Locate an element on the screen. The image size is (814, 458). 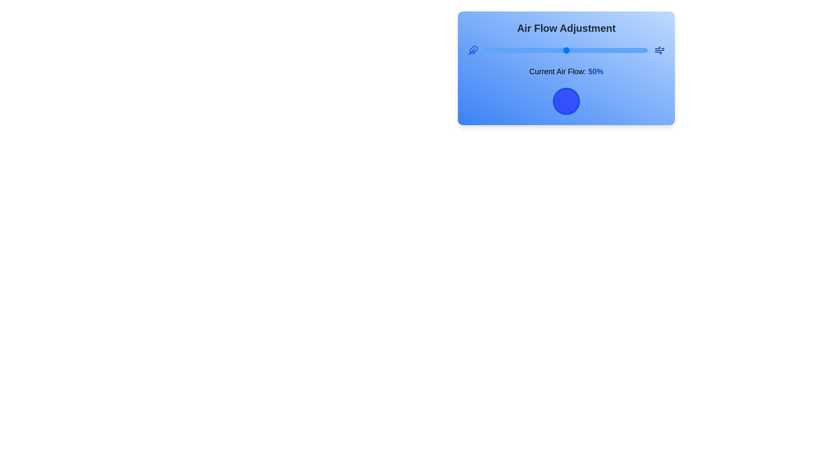
the airflow slider to 63% is located at coordinates (587, 50).